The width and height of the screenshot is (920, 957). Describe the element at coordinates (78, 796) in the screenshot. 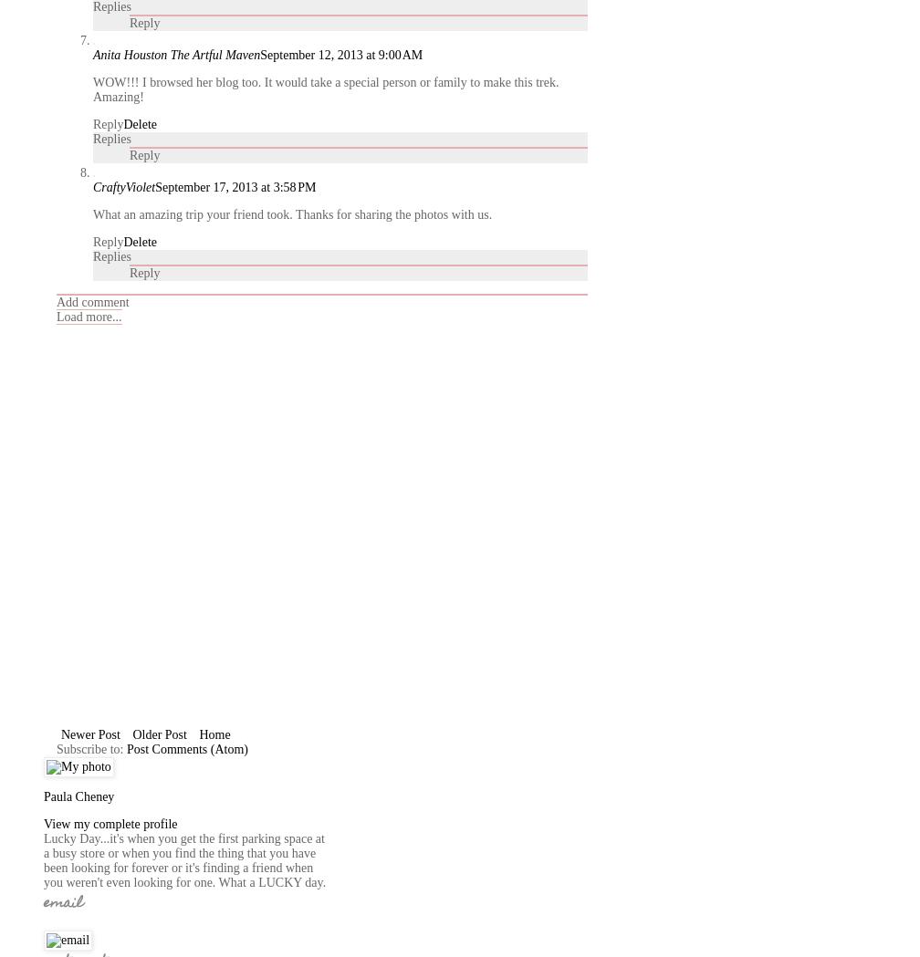

I see `'Paula Cheney'` at that location.